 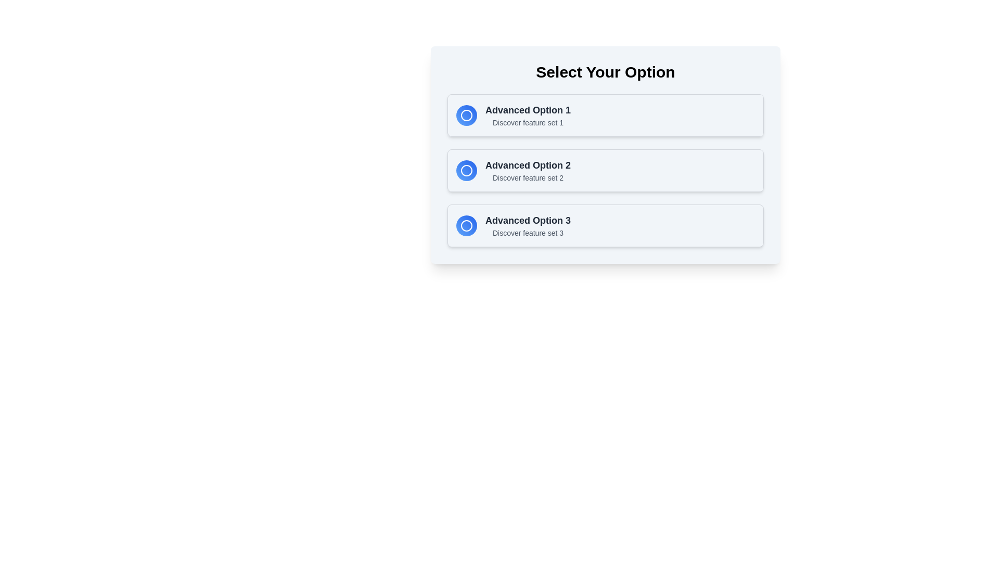 What do you see at coordinates (466, 170) in the screenshot?
I see `the inactive circular icon (radio button) located to the left of 'Advanced Option 2' in a vertical list of options` at bounding box center [466, 170].